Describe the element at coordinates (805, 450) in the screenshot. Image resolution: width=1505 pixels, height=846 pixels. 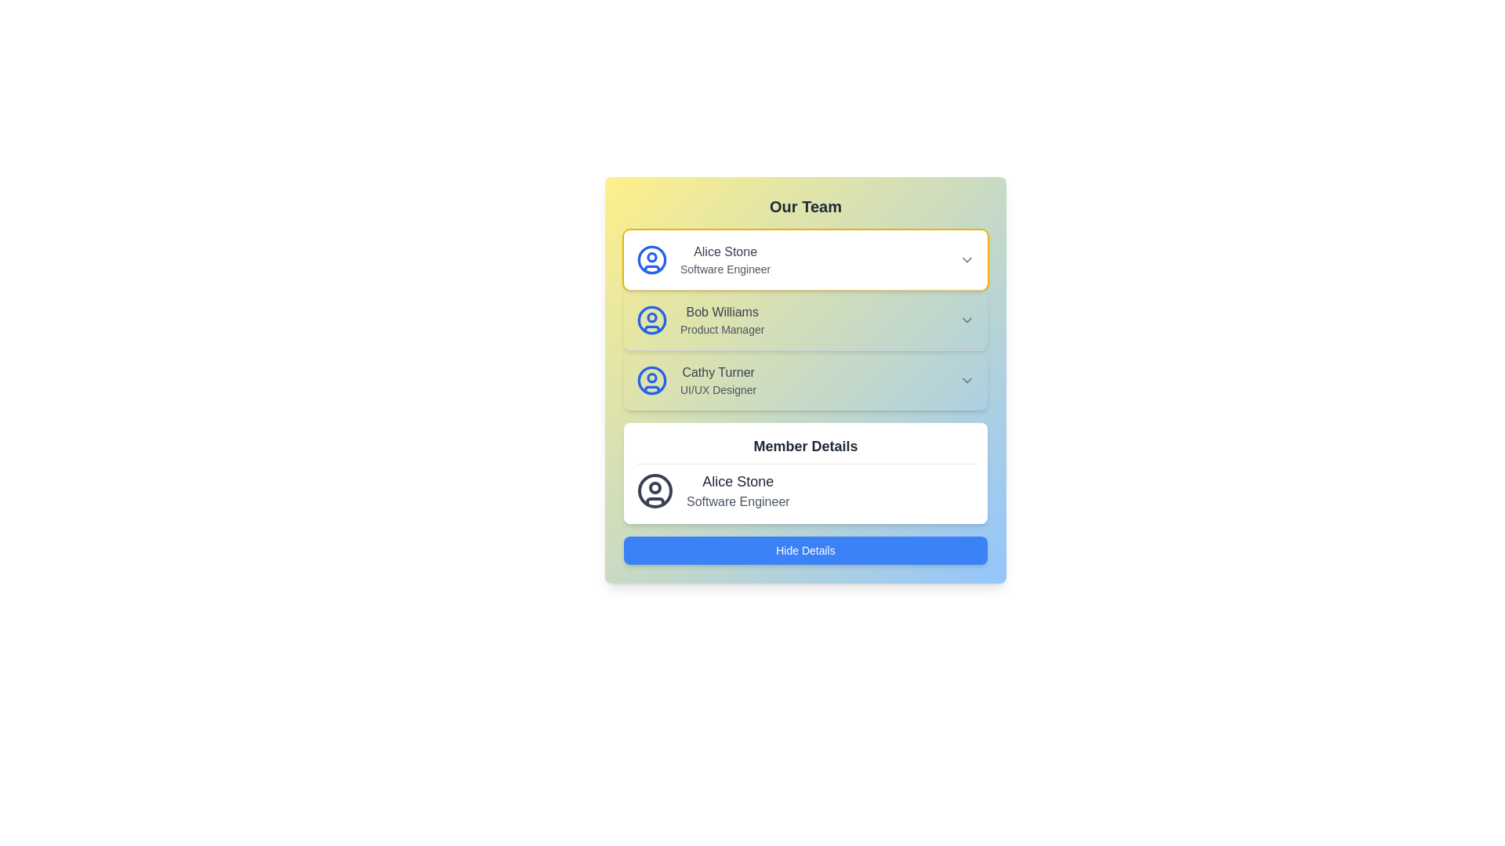
I see `the static text label that serves as the header title for the section, positioned at the top center of the card layout` at that location.